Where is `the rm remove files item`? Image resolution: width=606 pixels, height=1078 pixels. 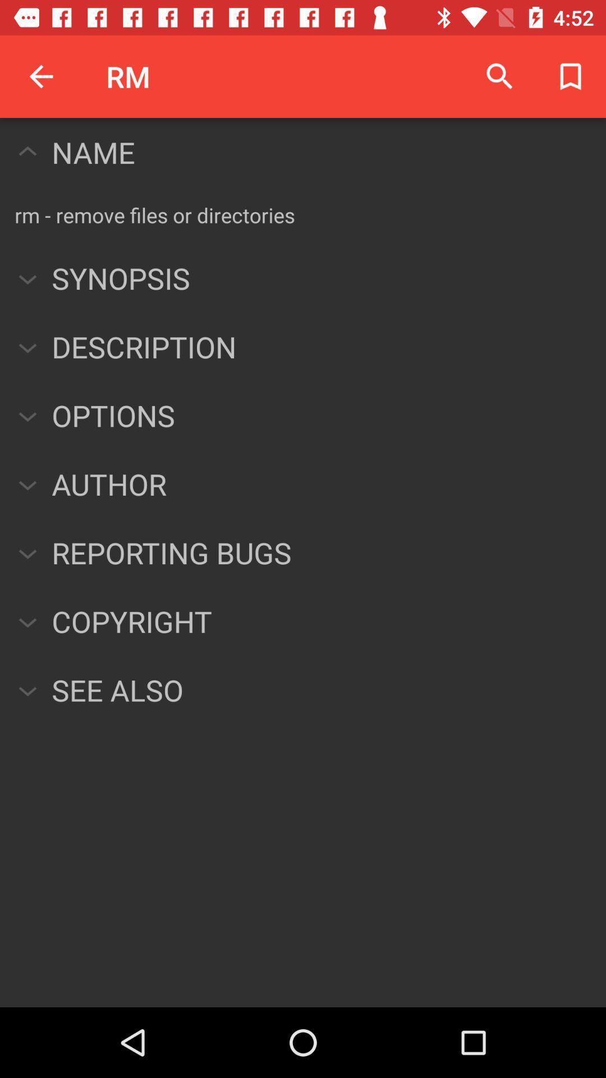 the rm remove files item is located at coordinates (155, 215).